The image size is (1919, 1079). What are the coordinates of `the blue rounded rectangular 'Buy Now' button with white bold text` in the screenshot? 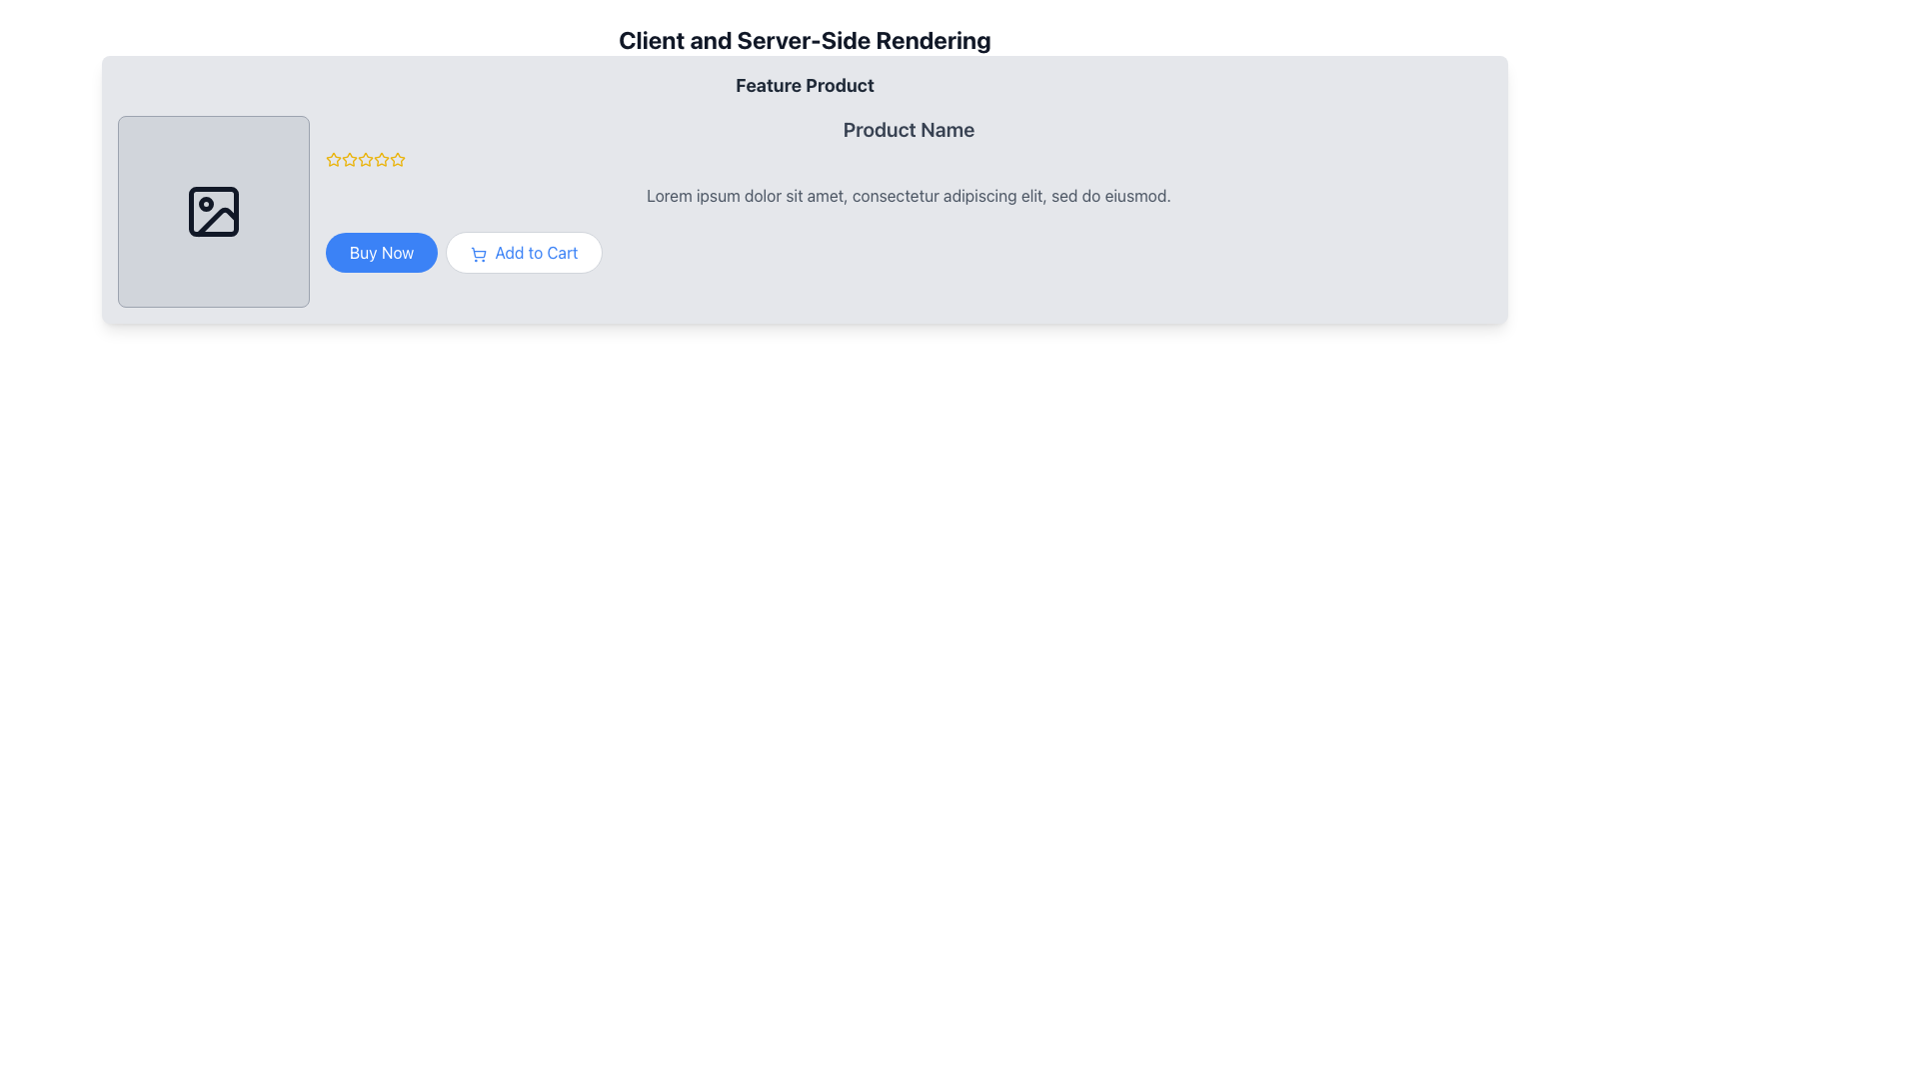 It's located at (382, 252).